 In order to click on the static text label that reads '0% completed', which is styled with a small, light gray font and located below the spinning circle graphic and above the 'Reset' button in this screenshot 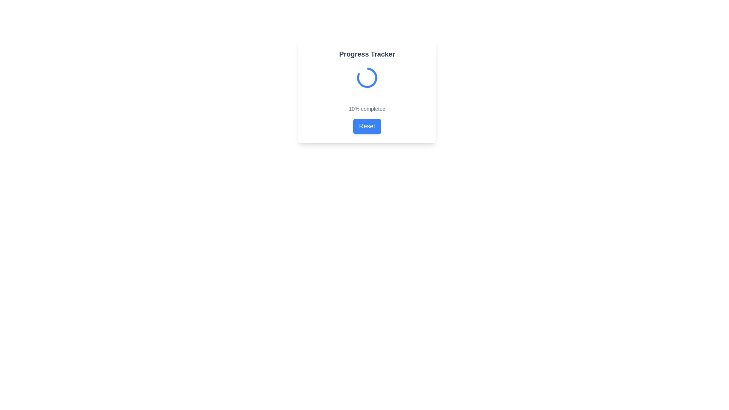, I will do `click(367, 109)`.